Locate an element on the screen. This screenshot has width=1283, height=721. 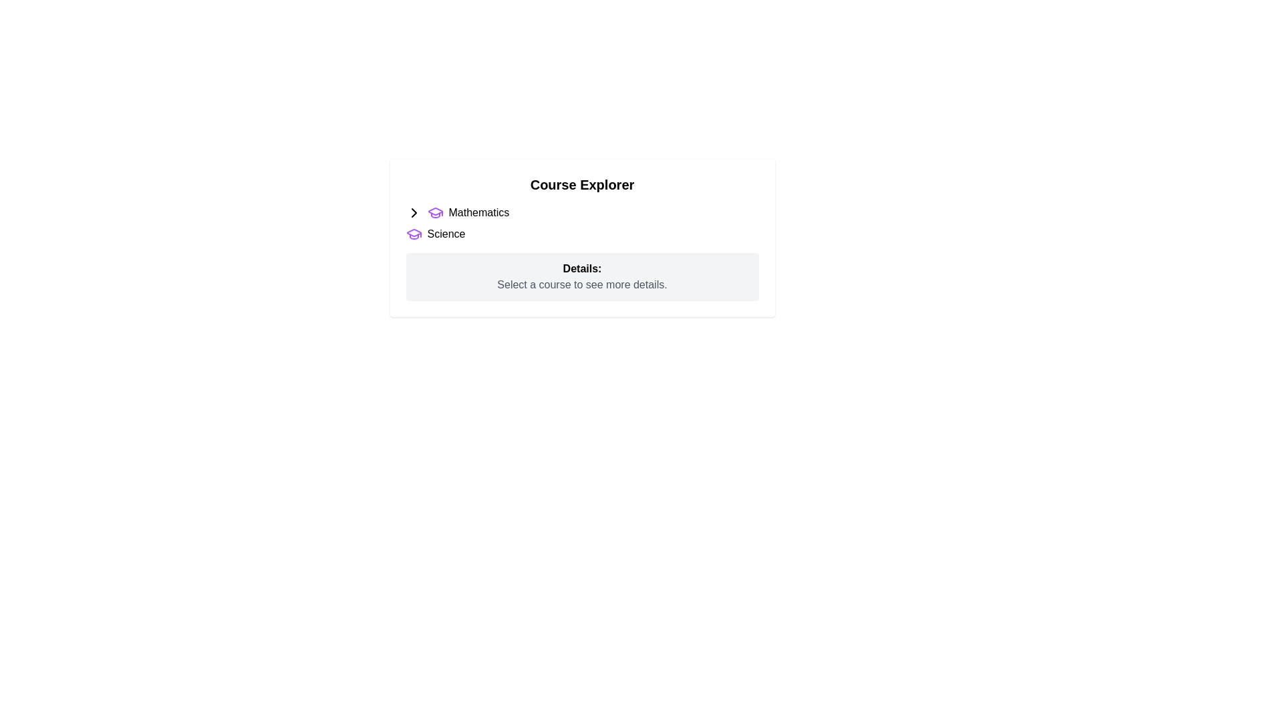
the purple graduation cap icon located immediately to the left of the text 'Mathematics' is located at coordinates (435, 212).